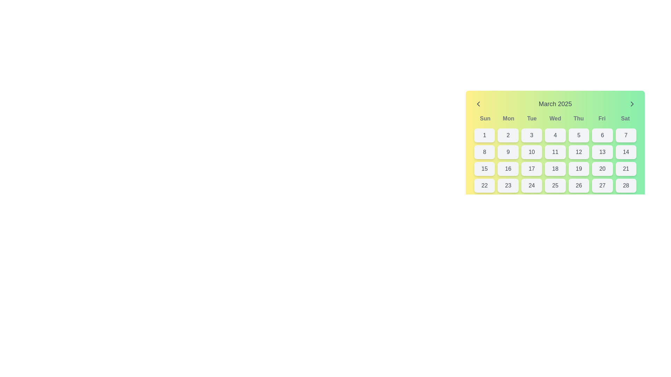 Image resolution: width=671 pixels, height=377 pixels. I want to click on the static text label 'Mon' which represents the day abbreviation in the weekly header of the calendar, so click(508, 118).